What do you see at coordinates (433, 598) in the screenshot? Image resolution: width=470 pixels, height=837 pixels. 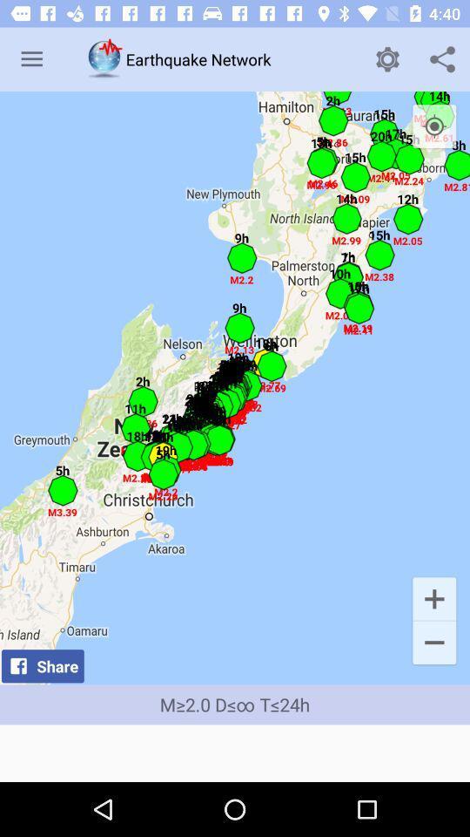 I see `the add icon` at bounding box center [433, 598].